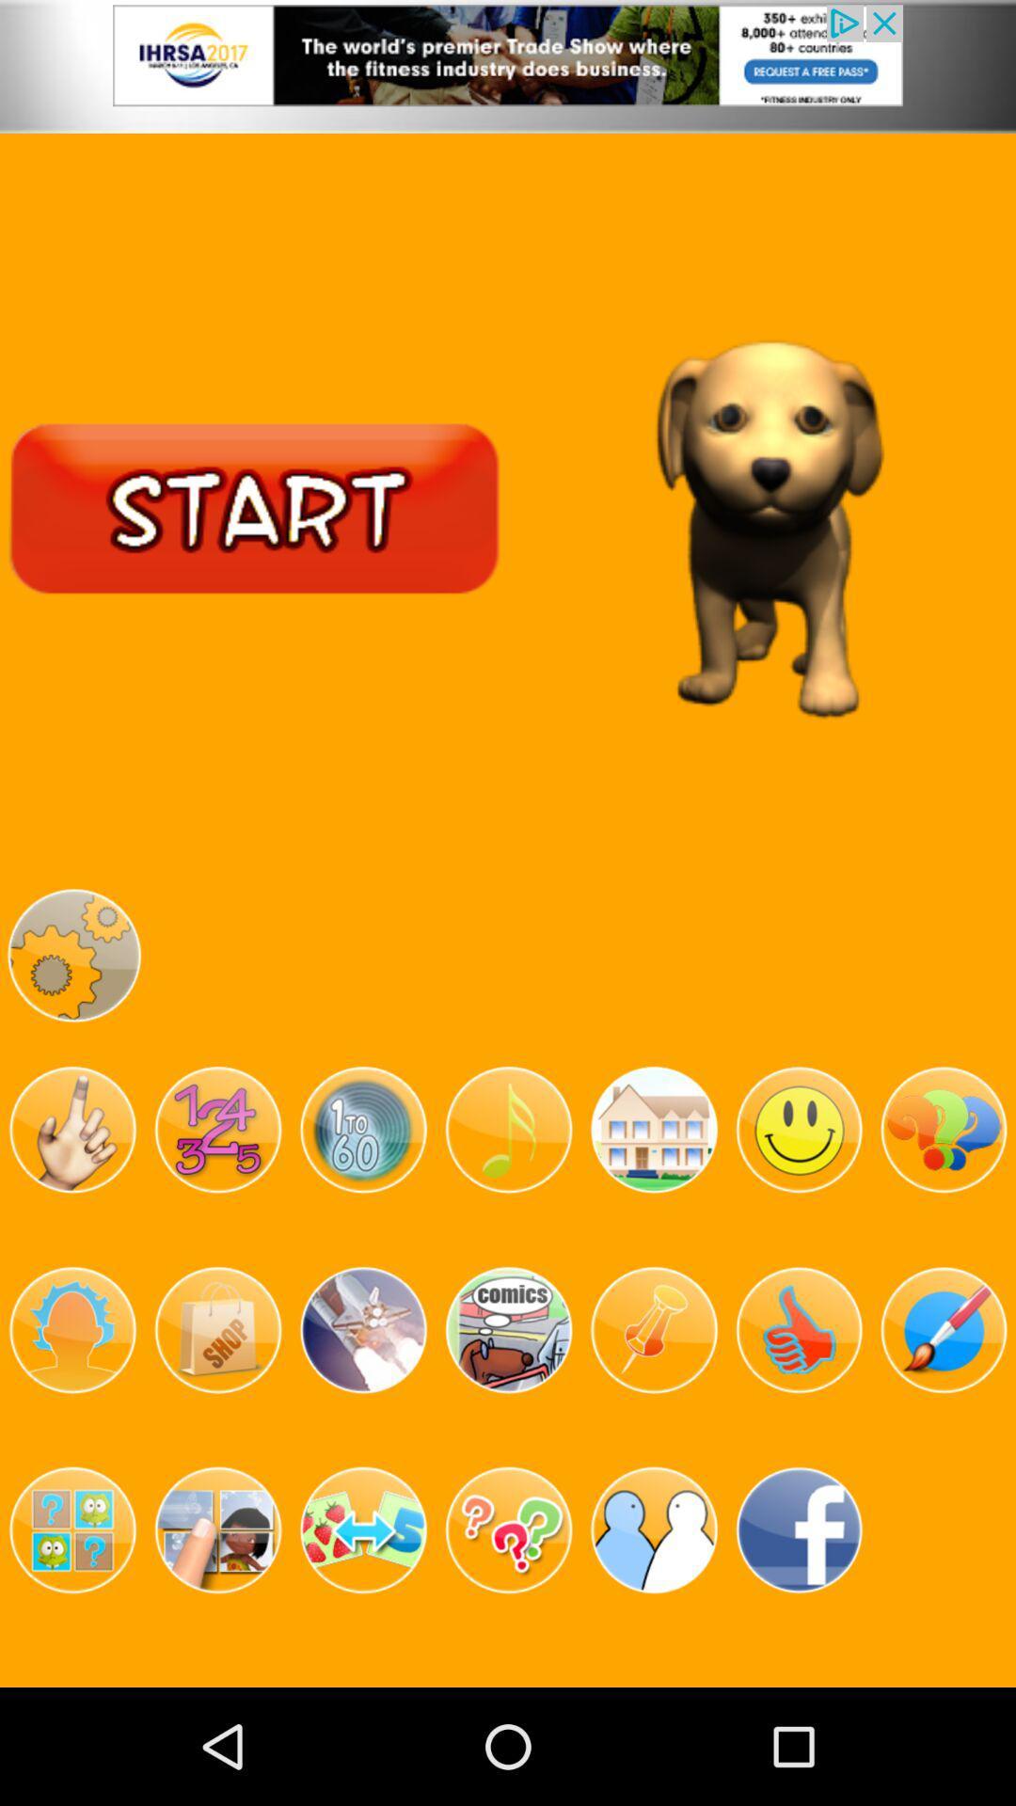  I want to click on the settings icon, so click(72, 1022).